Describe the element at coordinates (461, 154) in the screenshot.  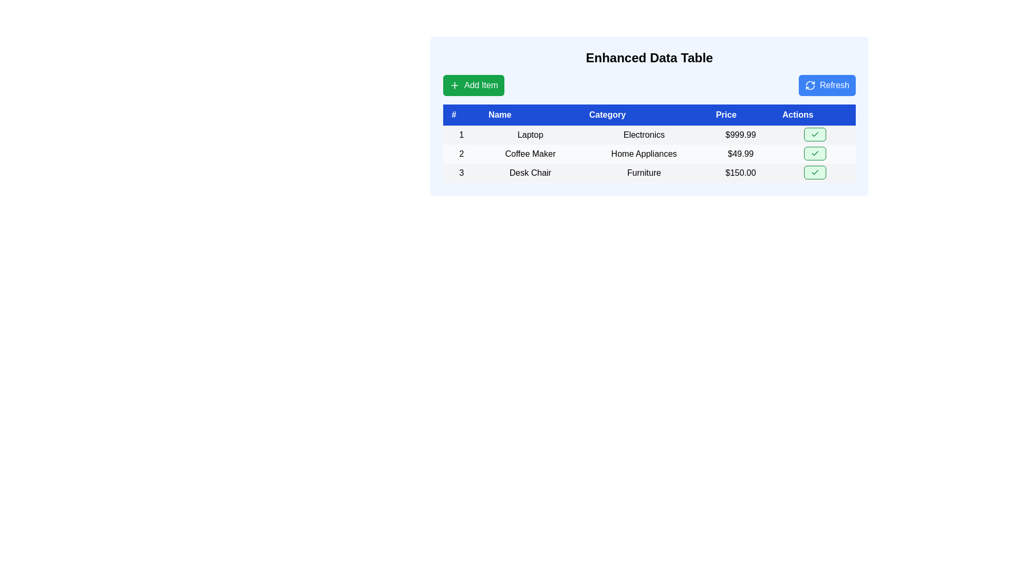
I see `the text label displaying the number '2' located in the first column of the second row in the data table` at that location.